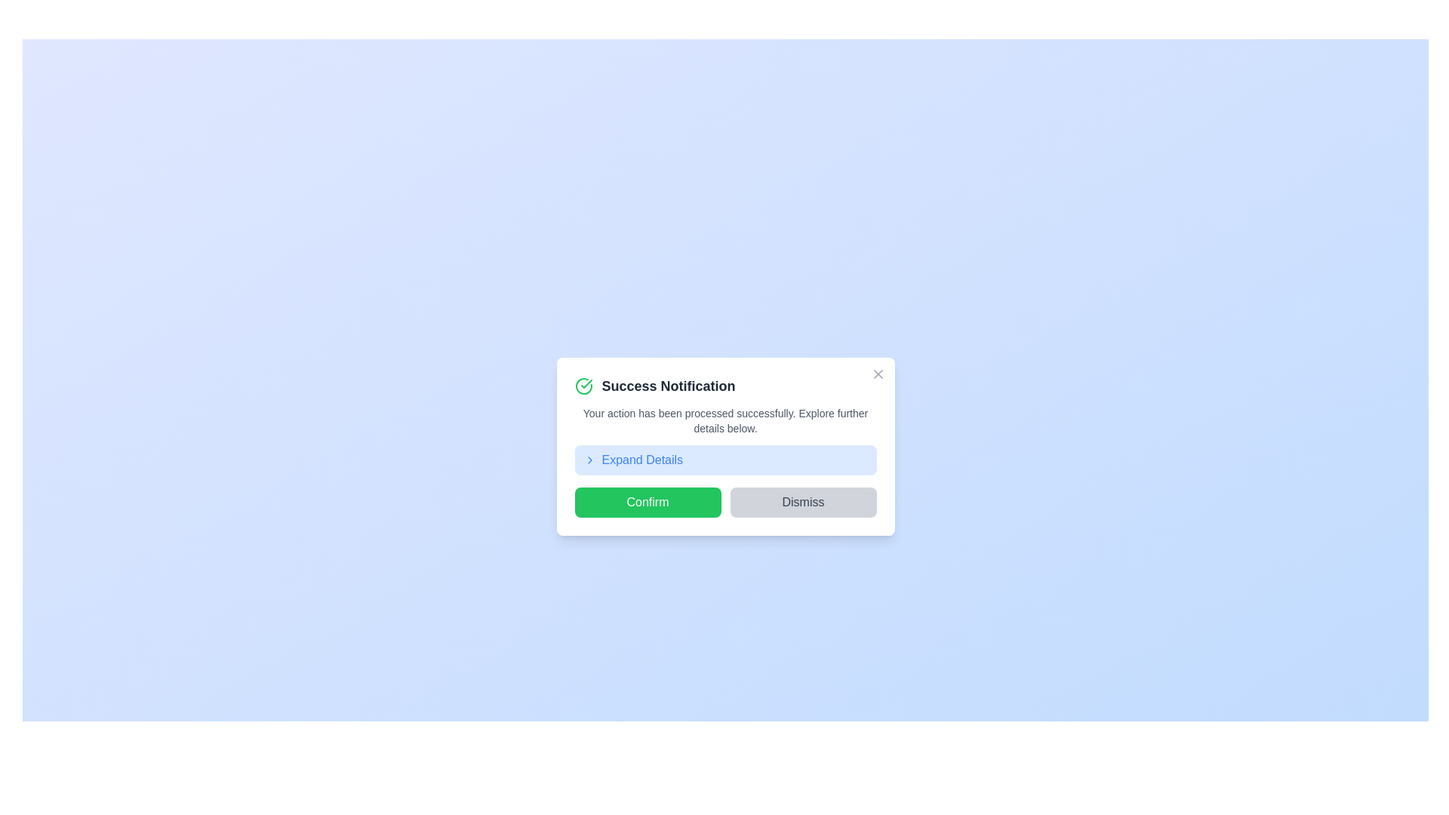 The height and width of the screenshot is (815, 1449). What do you see at coordinates (648, 503) in the screenshot?
I see `the 'Confirm' button to confirm the action` at bounding box center [648, 503].